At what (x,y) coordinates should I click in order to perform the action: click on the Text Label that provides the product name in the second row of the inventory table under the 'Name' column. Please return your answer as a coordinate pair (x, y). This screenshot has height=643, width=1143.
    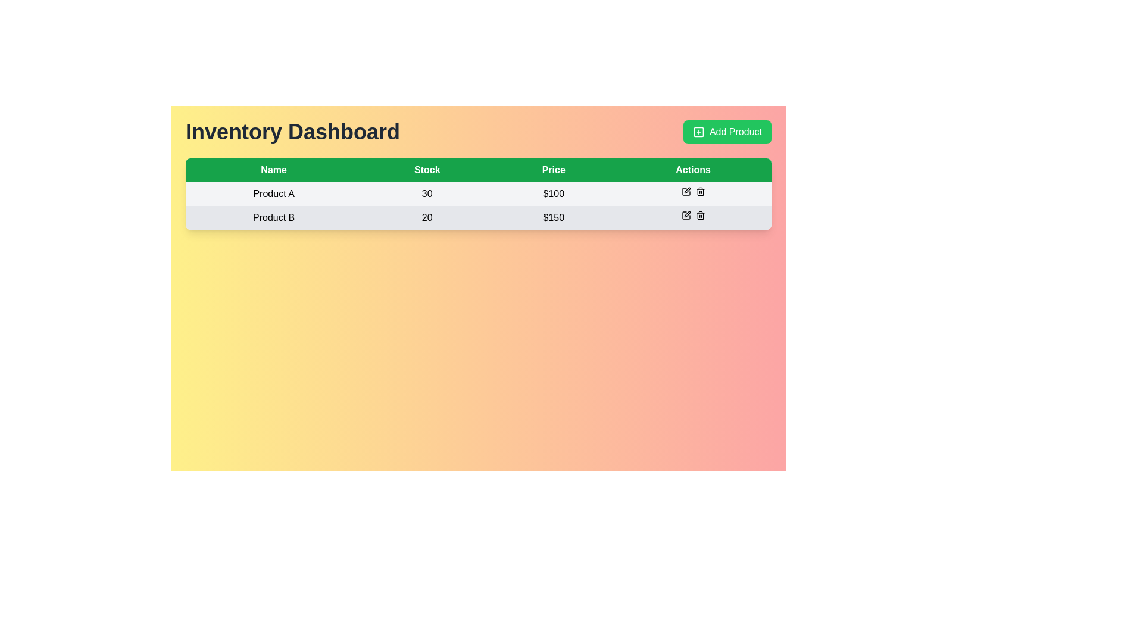
    Looking at the image, I should click on (273, 218).